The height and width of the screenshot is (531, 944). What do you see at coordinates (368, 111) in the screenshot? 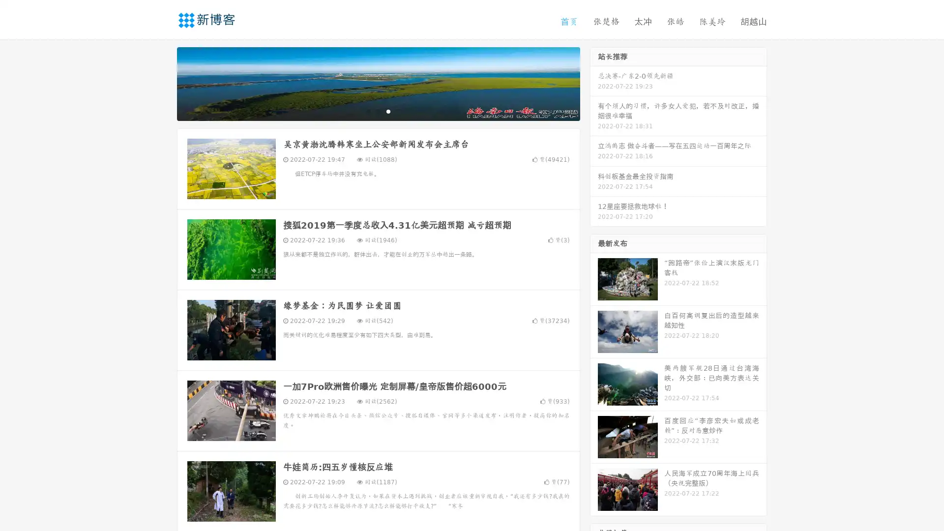
I see `Go to slide 1` at bounding box center [368, 111].